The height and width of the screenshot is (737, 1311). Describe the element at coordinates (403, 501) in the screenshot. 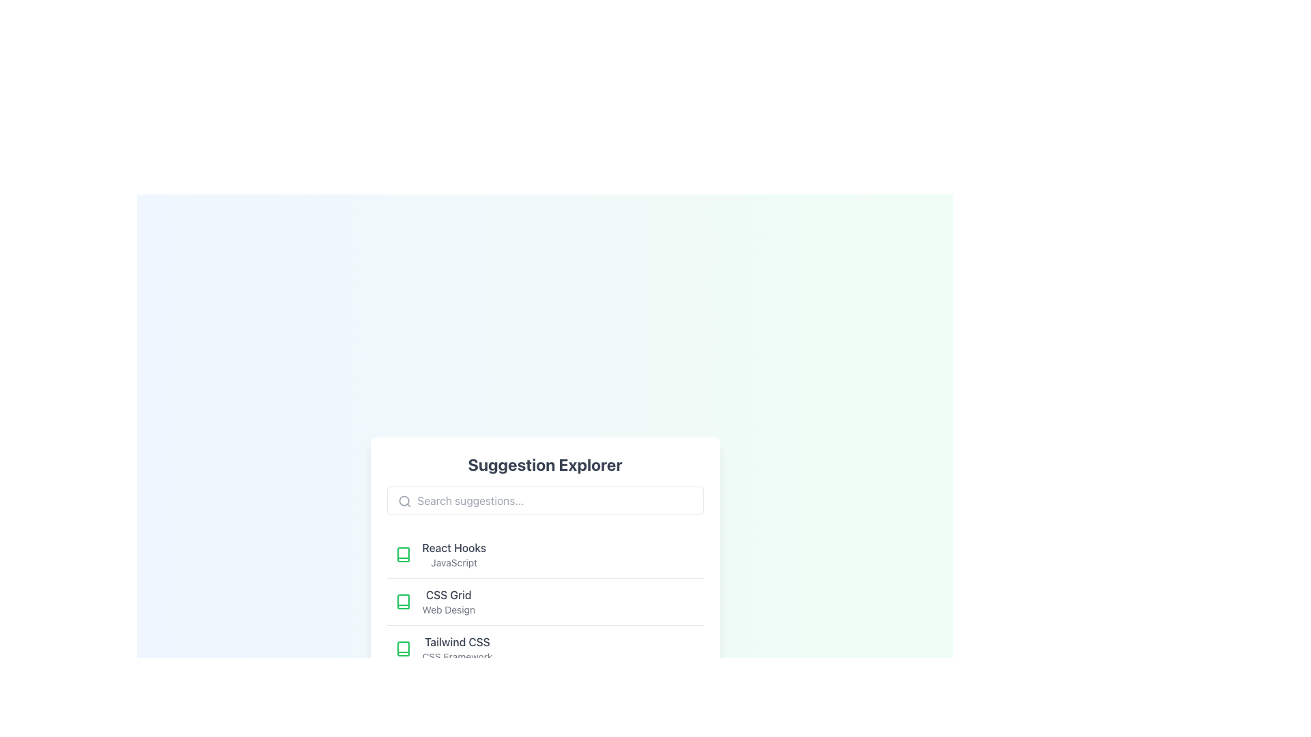

I see `the circular icon representing the glass part of the magnifying glass within the SVG search element` at that location.